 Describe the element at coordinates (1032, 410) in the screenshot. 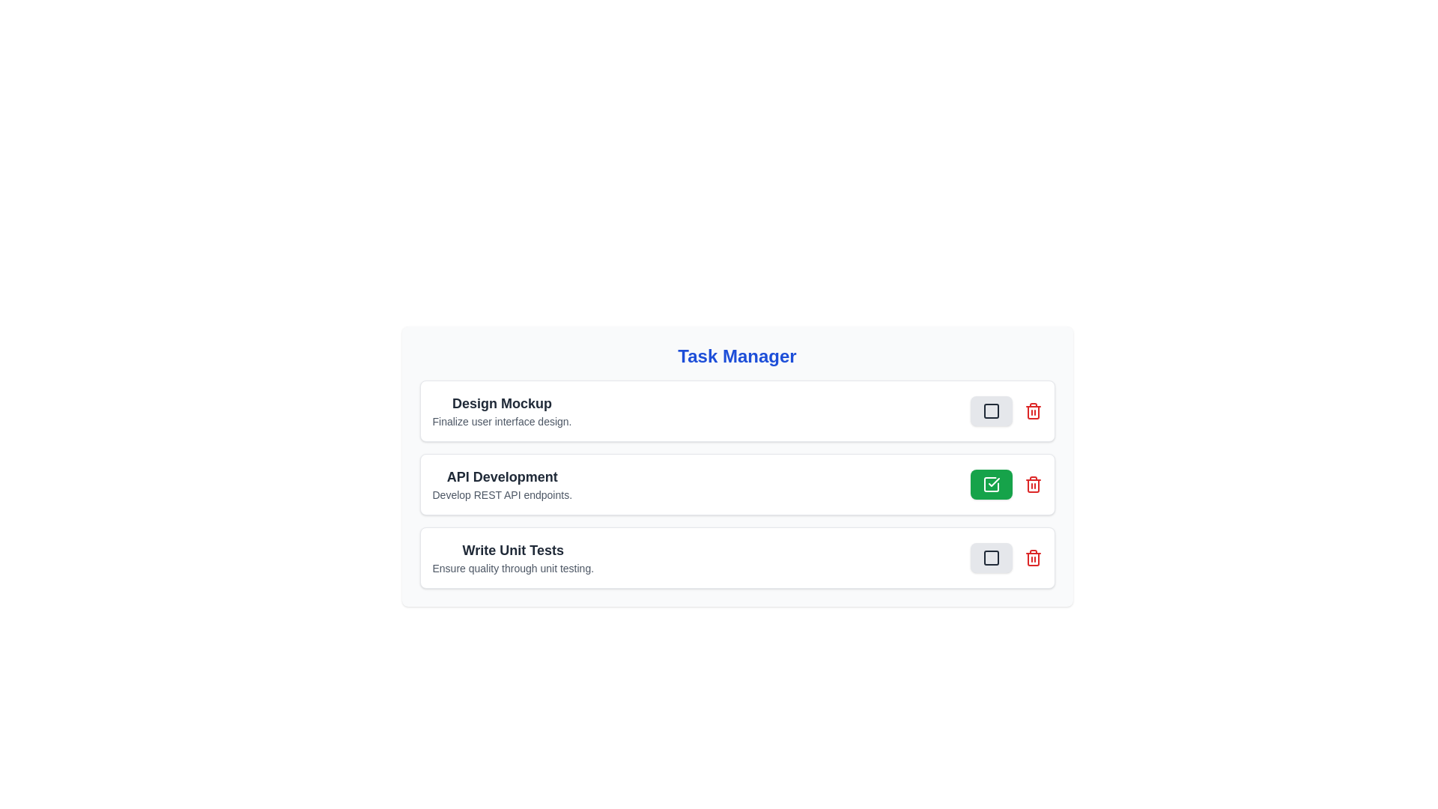

I see `the delete button located at the far right of the task row for 'API Development'` at that location.